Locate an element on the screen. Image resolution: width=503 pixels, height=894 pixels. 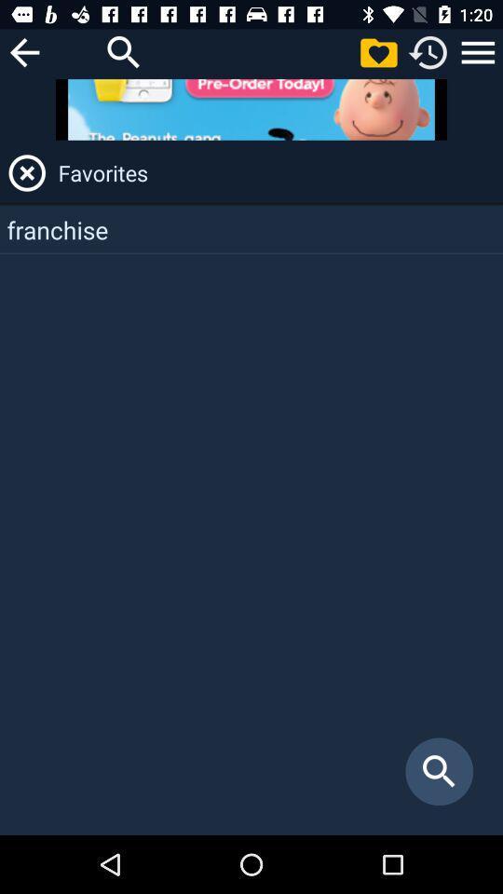
the close icon is located at coordinates (26, 172).